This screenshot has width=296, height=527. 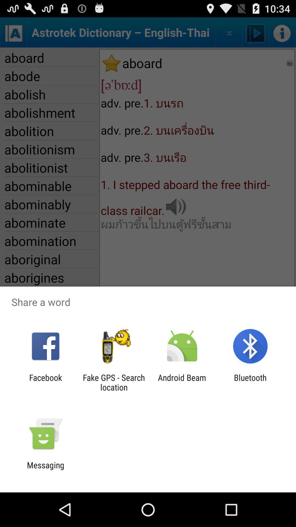 I want to click on the app to the right of android beam app, so click(x=250, y=382).